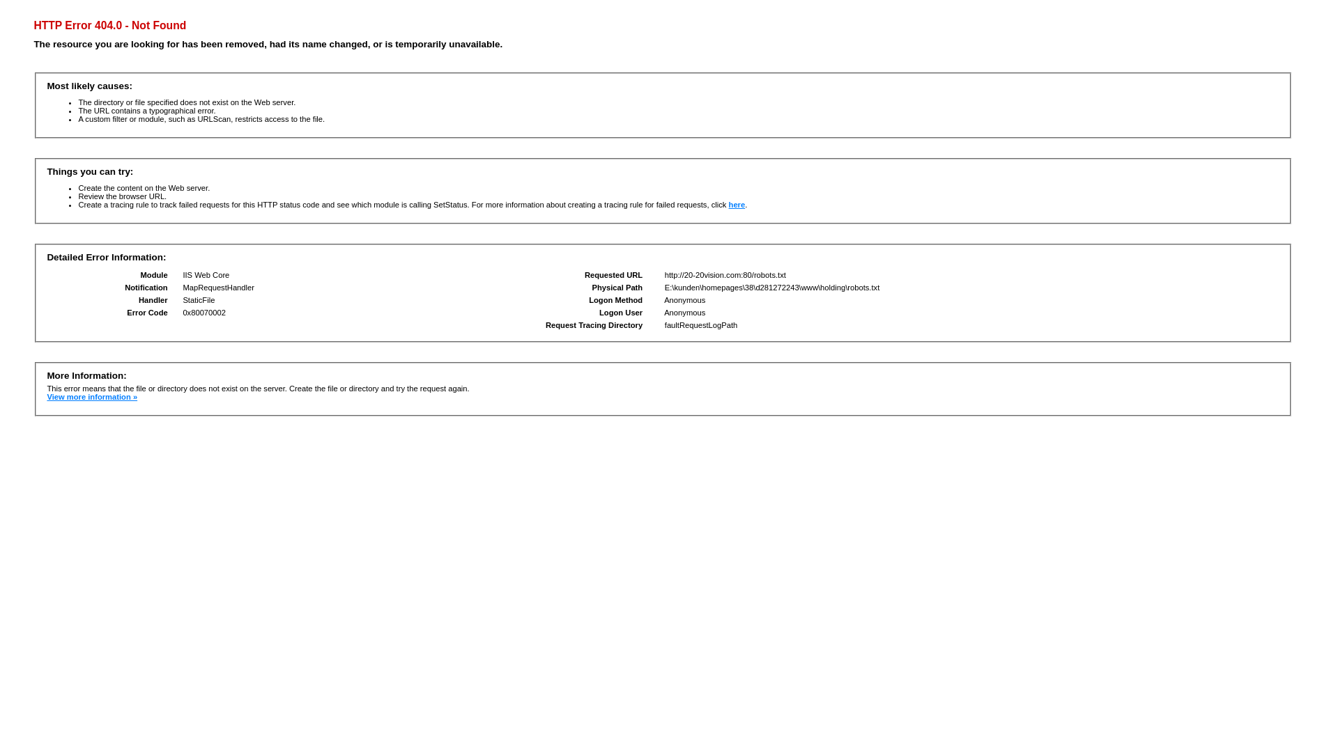 Image resolution: width=1338 pixels, height=752 pixels. What do you see at coordinates (736, 204) in the screenshot?
I see `'here'` at bounding box center [736, 204].